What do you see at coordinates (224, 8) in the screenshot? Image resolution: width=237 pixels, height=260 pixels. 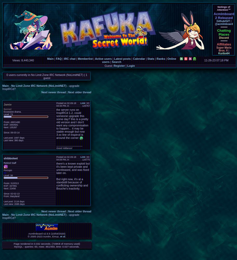 I see `'Notings of Attention™'` at bounding box center [224, 8].